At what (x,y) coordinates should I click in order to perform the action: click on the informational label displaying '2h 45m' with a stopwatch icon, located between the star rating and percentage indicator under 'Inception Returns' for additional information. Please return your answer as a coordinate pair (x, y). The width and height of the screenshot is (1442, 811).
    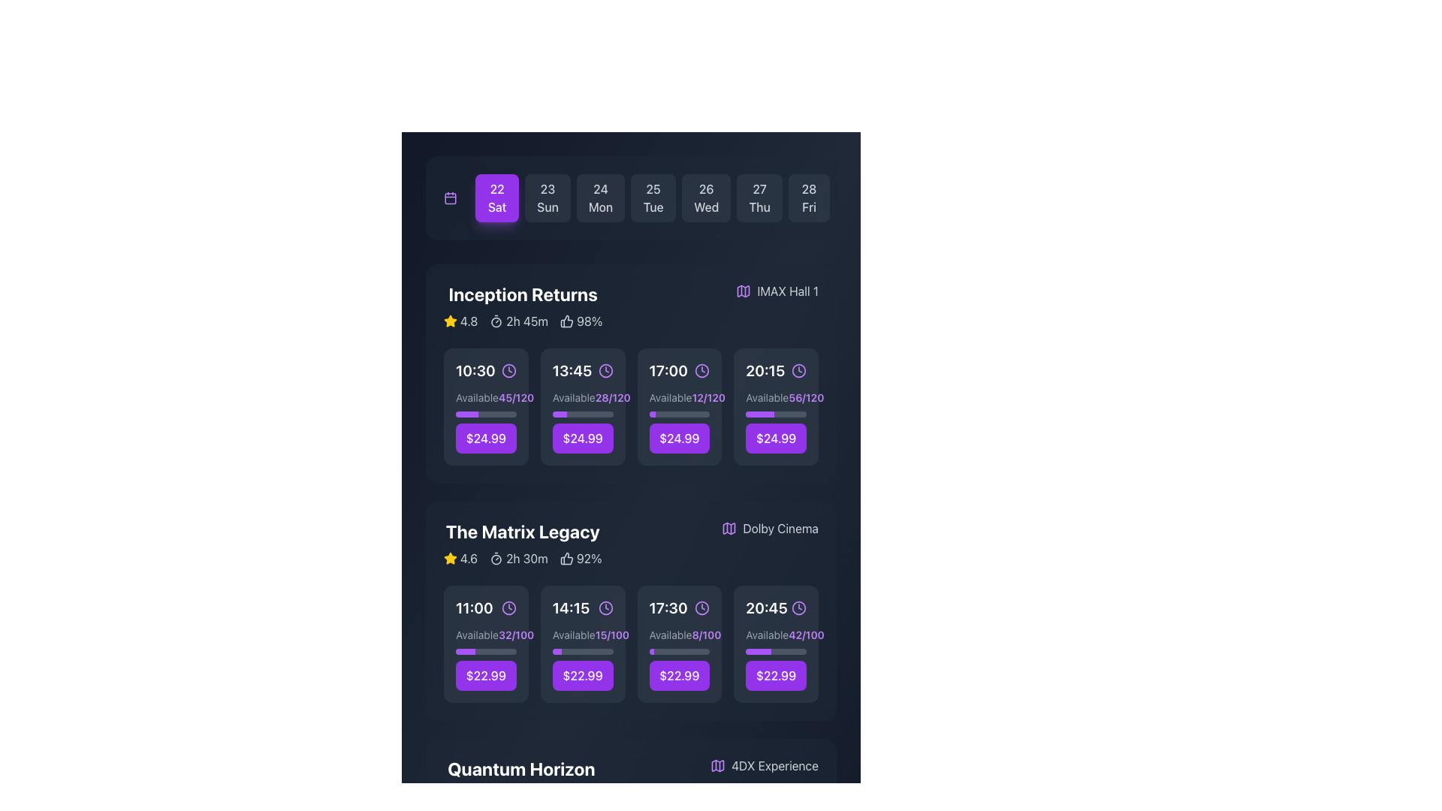
    Looking at the image, I should click on (519, 321).